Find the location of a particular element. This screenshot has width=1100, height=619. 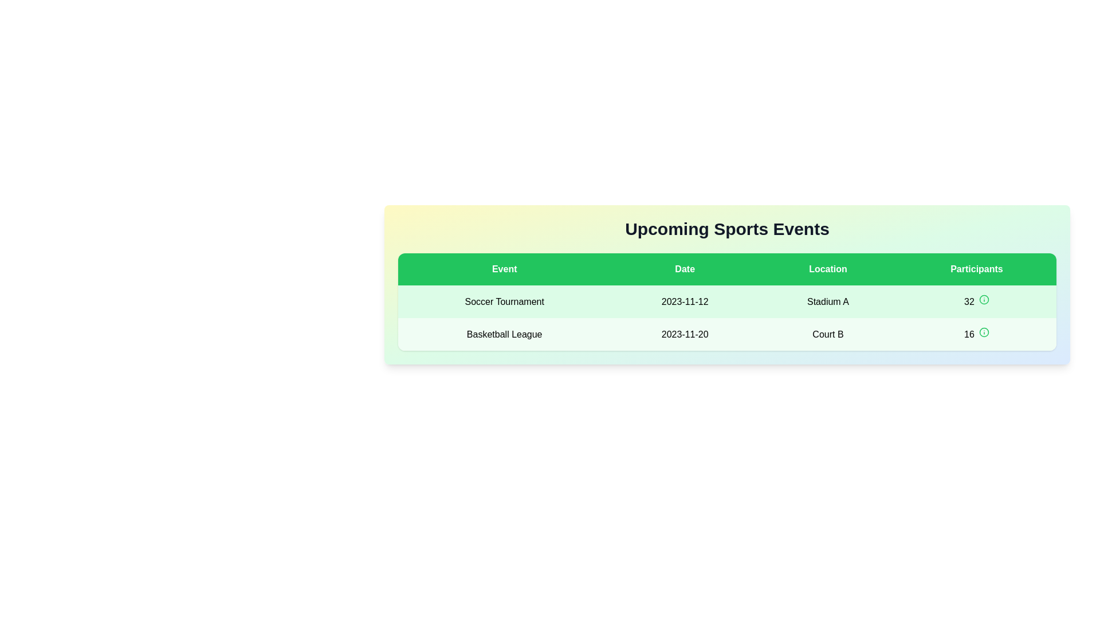

the non-interactive text label displaying the location for the 'Basketball League' event, which is the third entry in the 'Location' column of the 'Basketball League' row in the 'Upcoming Sports Events' table is located at coordinates (828, 334).